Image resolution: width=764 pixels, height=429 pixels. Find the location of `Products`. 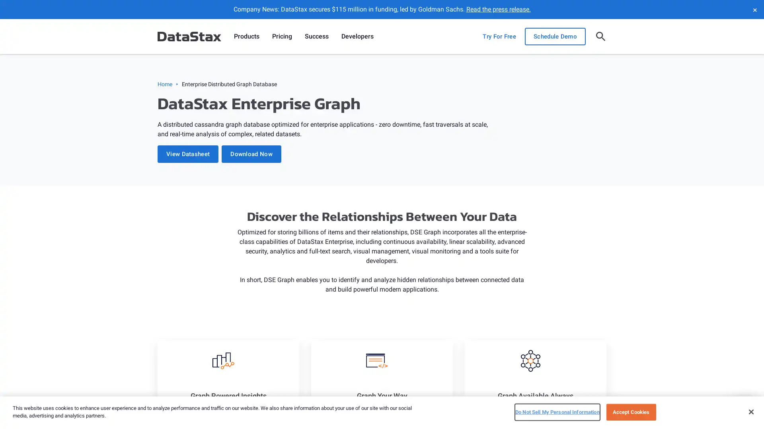

Products is located at coordinates (246, 37).